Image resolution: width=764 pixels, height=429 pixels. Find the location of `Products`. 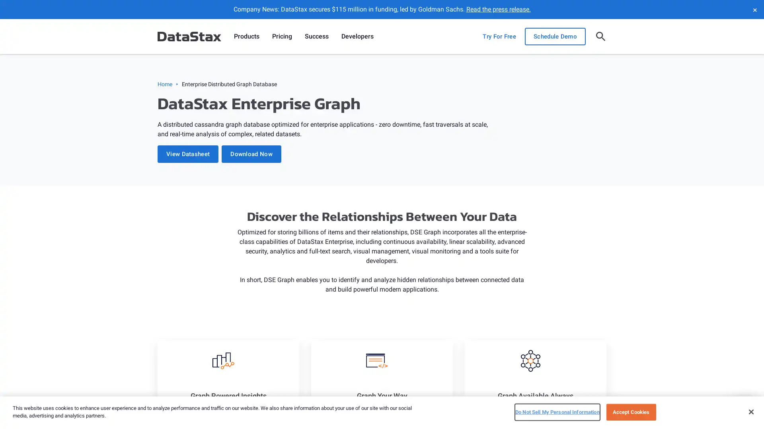

Products is located at coordinates (246, 37).